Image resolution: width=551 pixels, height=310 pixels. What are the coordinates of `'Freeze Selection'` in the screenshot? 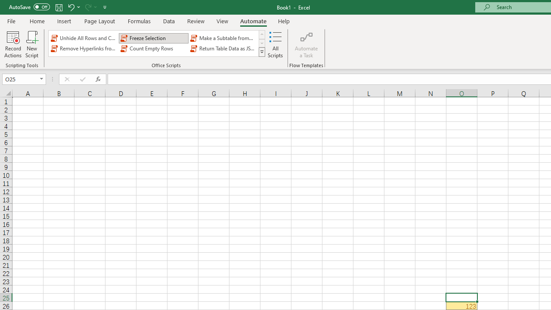 It's located at (154, 37).